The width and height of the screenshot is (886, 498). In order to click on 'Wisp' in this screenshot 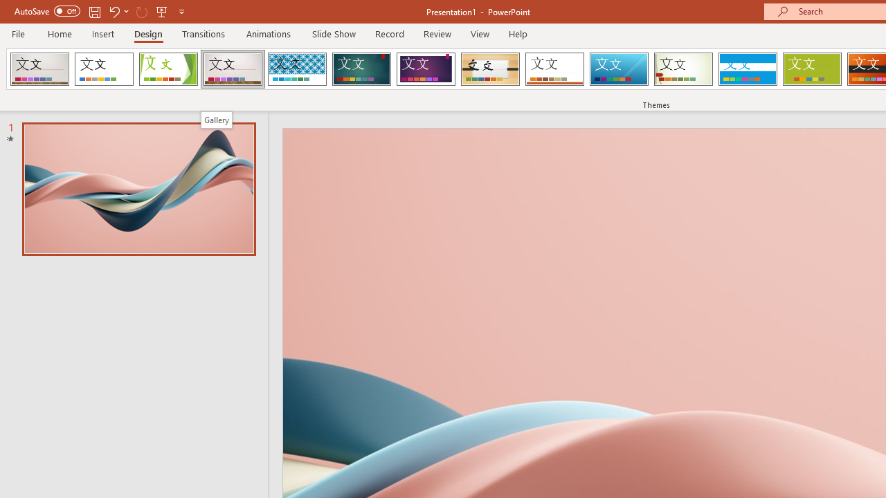, I will do `click(683, 69)`.